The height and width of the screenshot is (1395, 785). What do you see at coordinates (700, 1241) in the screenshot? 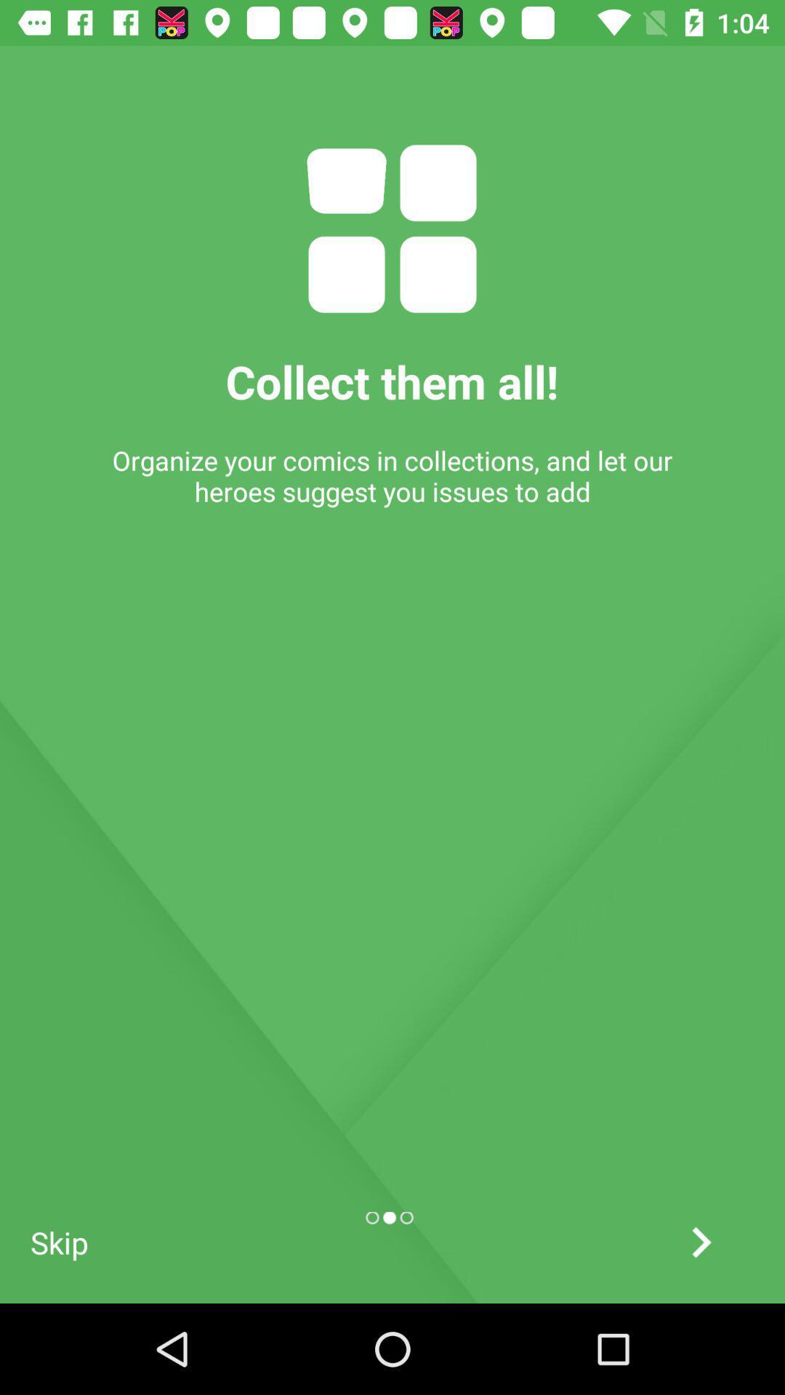
I see `next screen` at bounding box center [700, 1241].